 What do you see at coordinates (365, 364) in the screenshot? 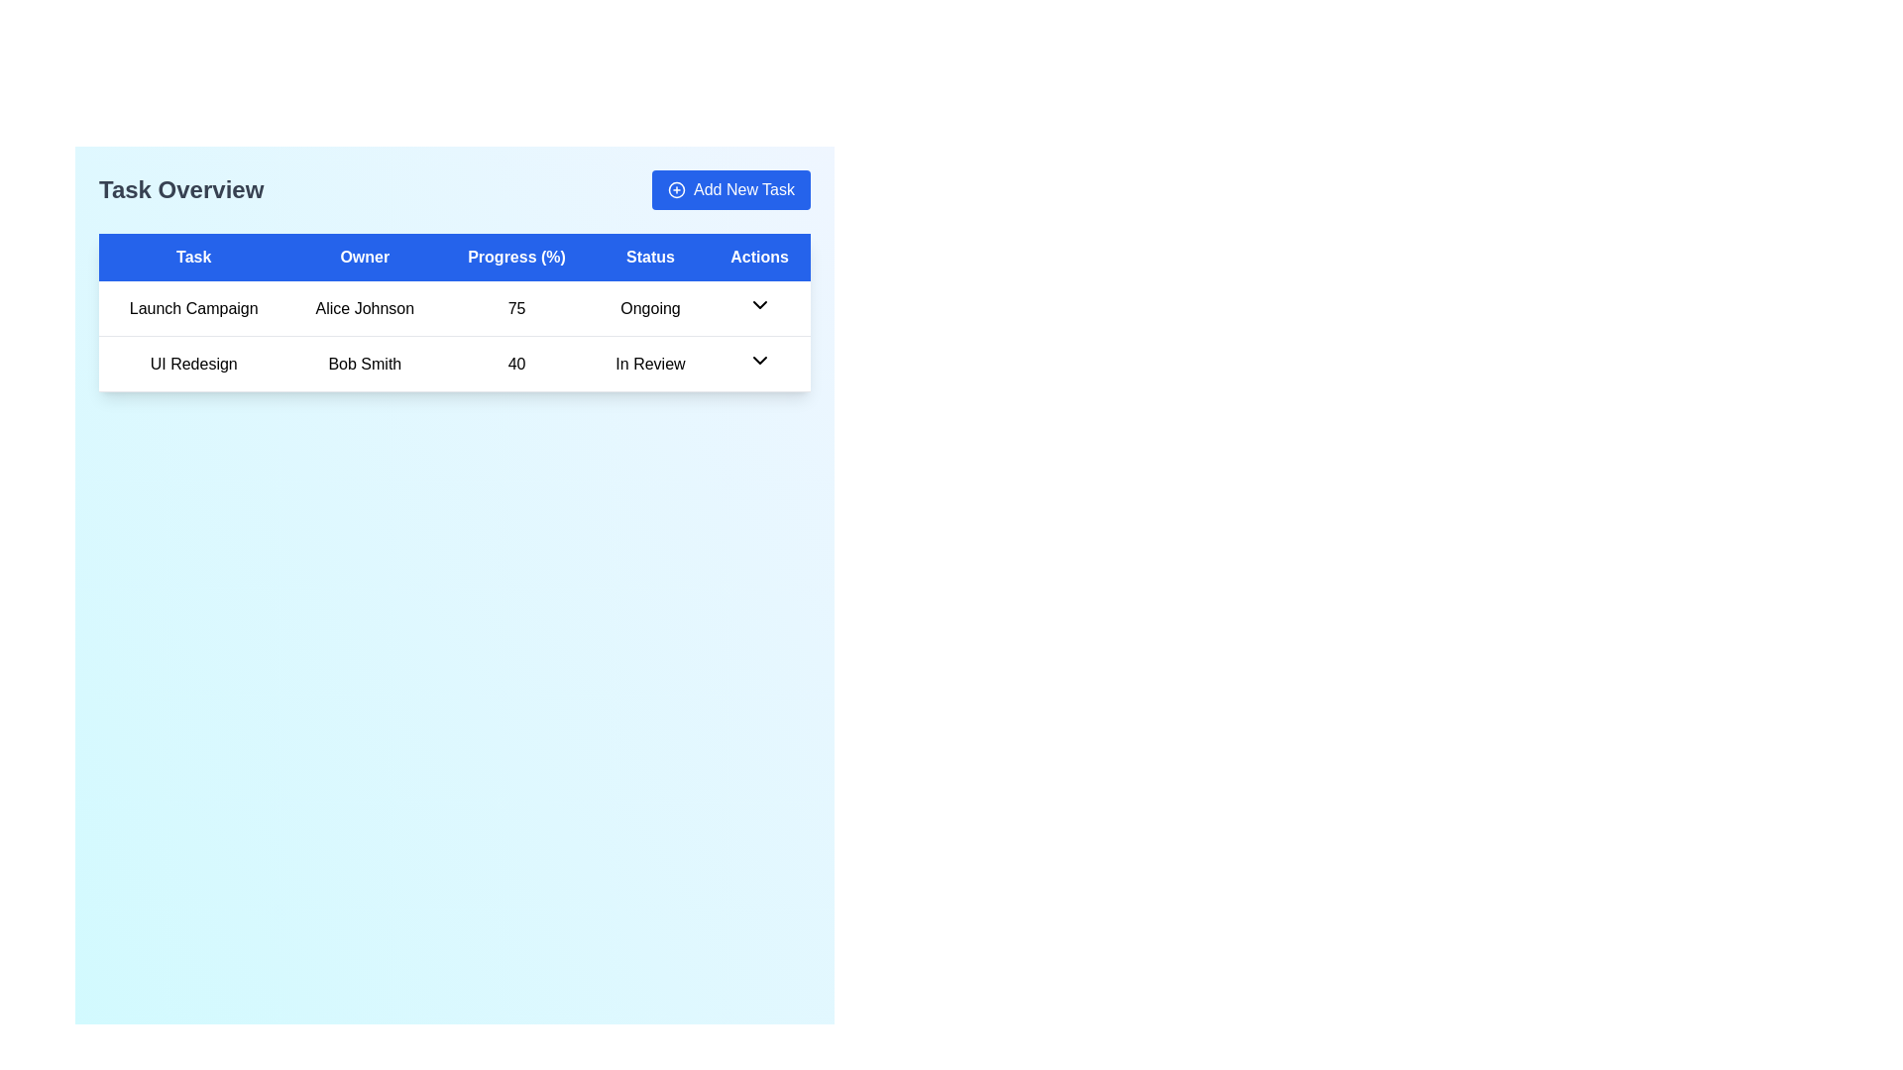
I see `the text label displaying the name of the person associated with the task item in the second row under the 'Owner' column of the table, located between 'UI Redesign' and '40'` at bounding box center [365, 364].